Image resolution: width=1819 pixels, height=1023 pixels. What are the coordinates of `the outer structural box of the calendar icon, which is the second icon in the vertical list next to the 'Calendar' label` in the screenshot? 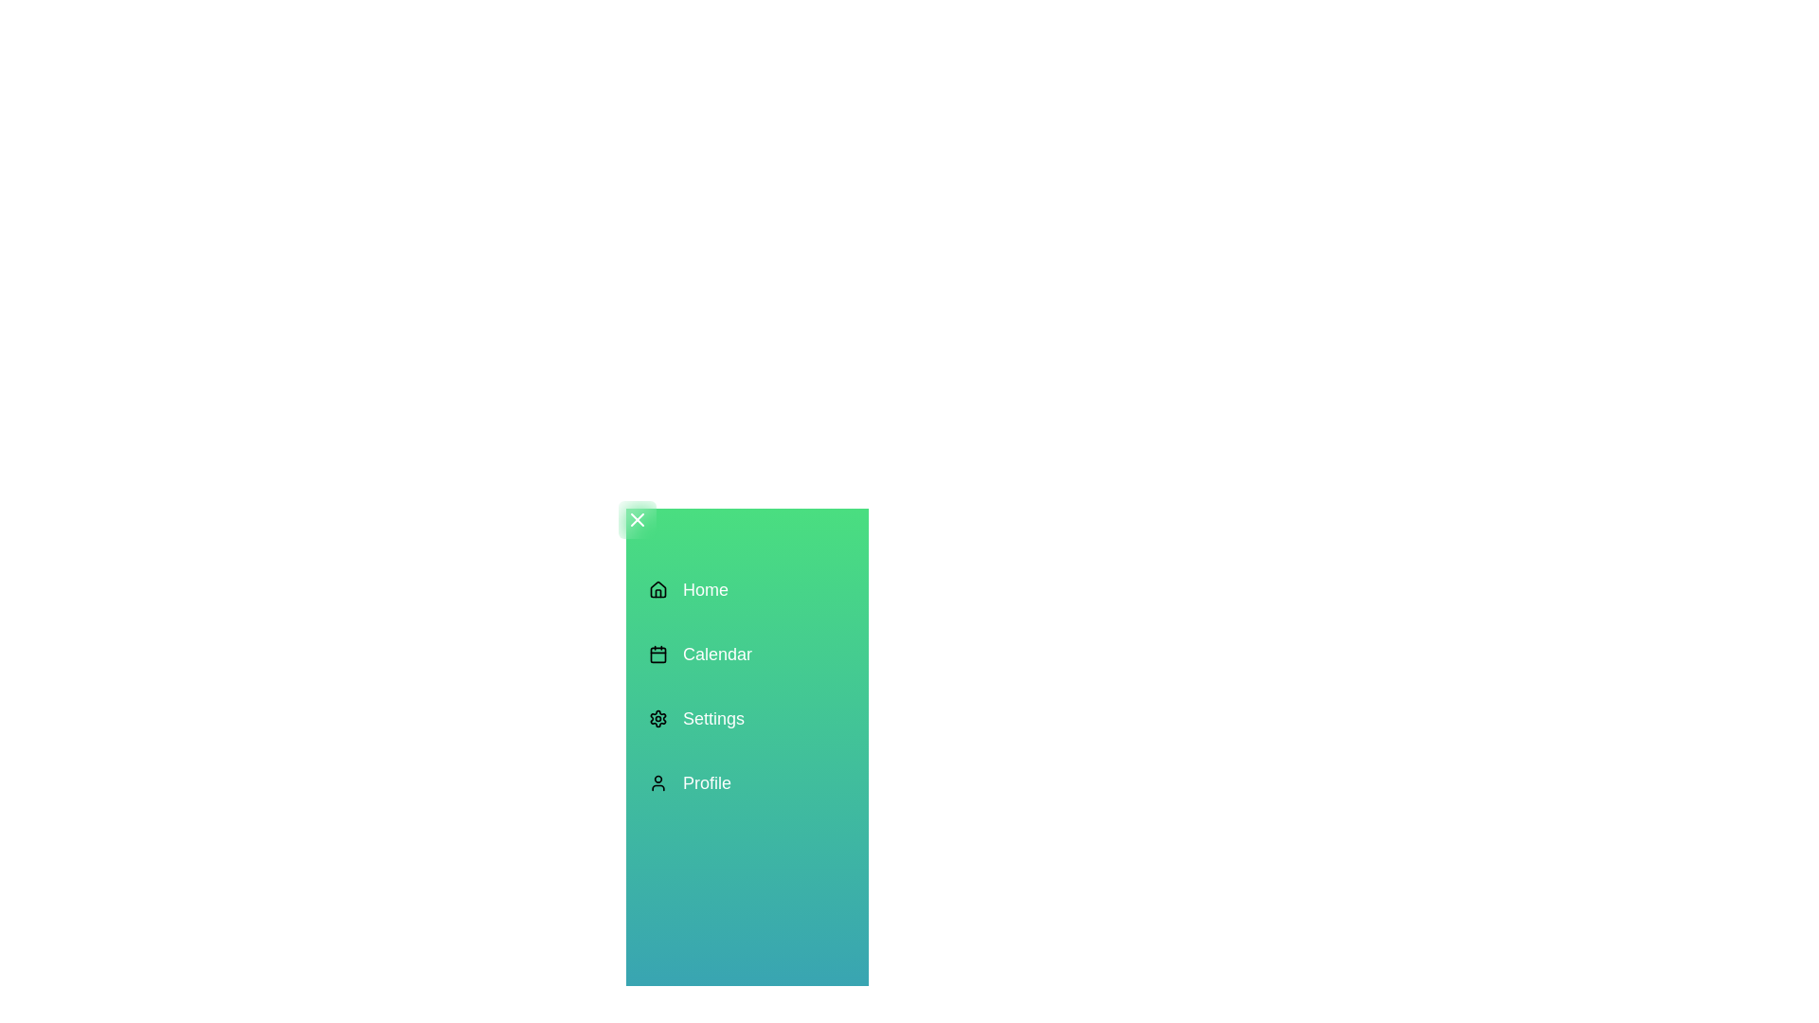 It's located at (658, 653).